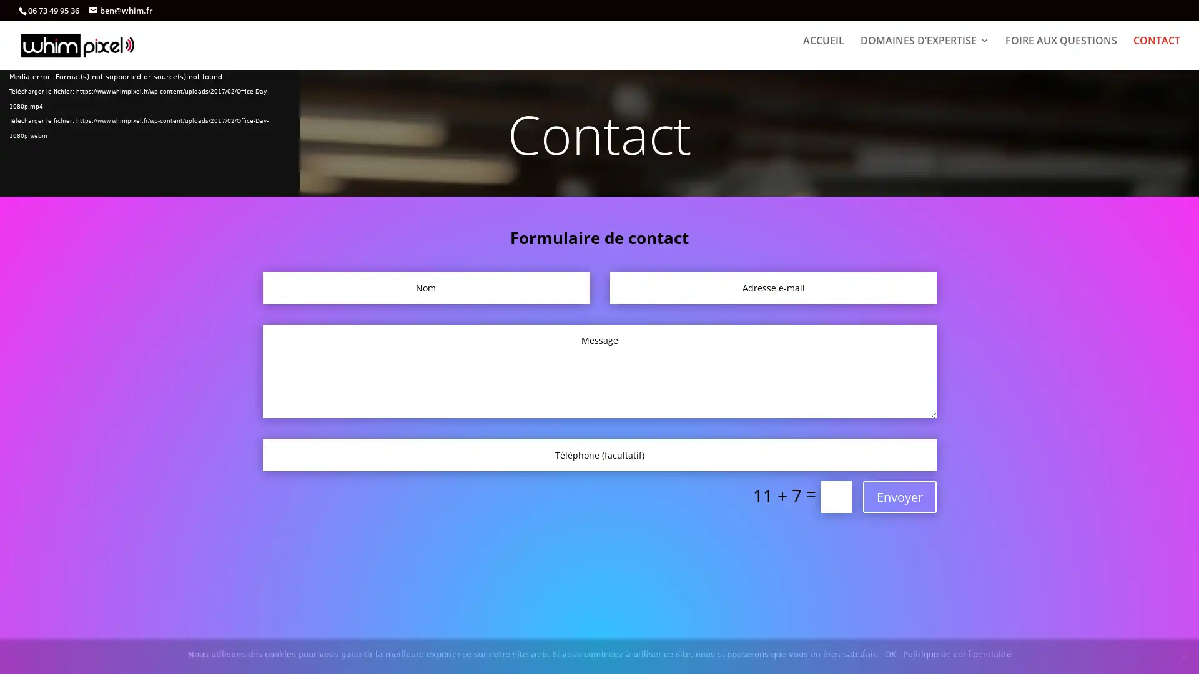  I want to click on Envoyer, so click(899, 496).